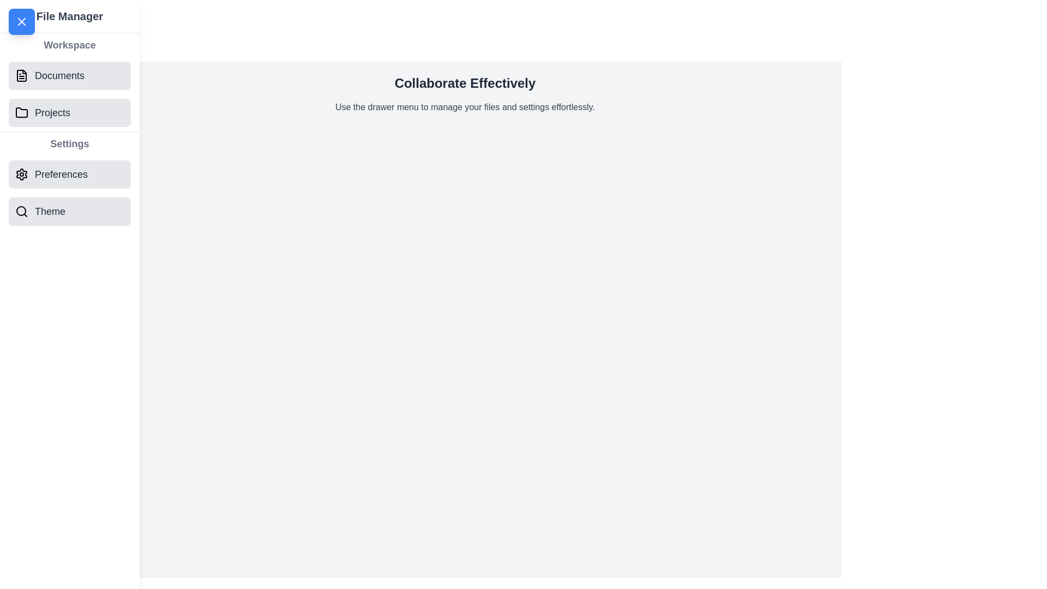  I want to click on the section Projects from the drawer menu, so click(69, 113).